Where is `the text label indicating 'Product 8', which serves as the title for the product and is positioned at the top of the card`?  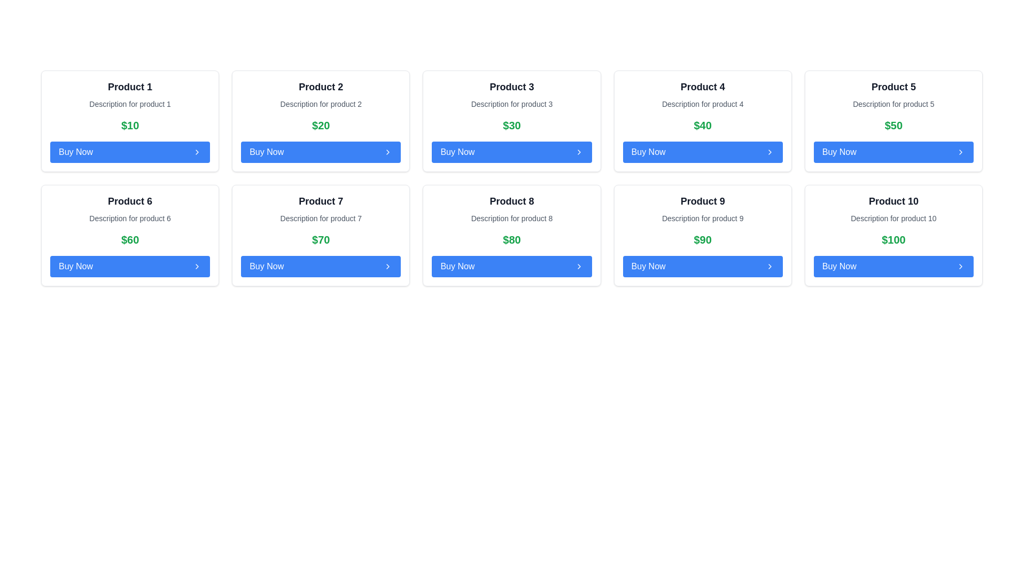
the text label indicating 'Product 8', which serves as the title for the product and is positioned at the top of the card is located at coordinates (511, 201).